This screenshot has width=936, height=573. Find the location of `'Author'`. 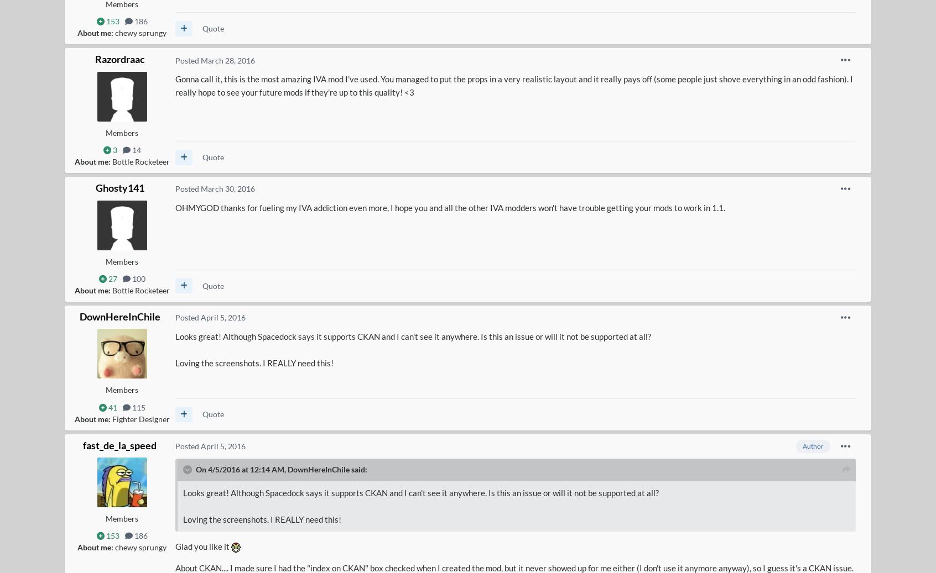

'Author' is located at coordinates (802, 446).